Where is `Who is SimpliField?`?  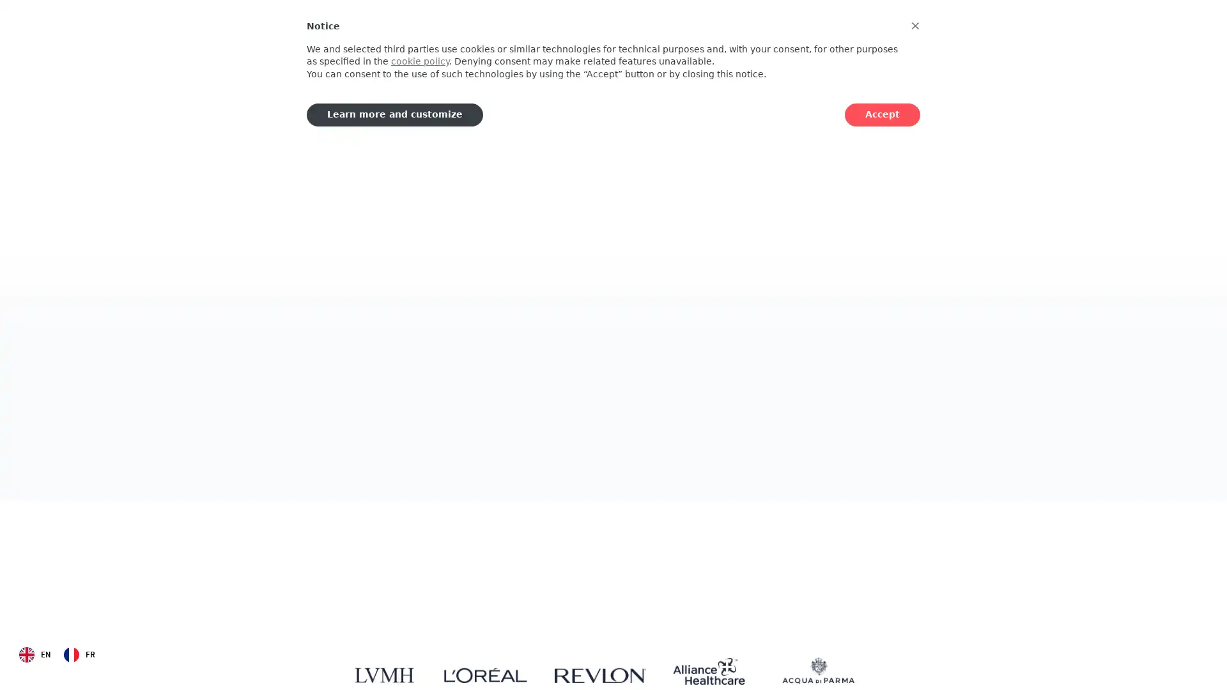 Who is SimpliField? is located at coordinates (406, 379).